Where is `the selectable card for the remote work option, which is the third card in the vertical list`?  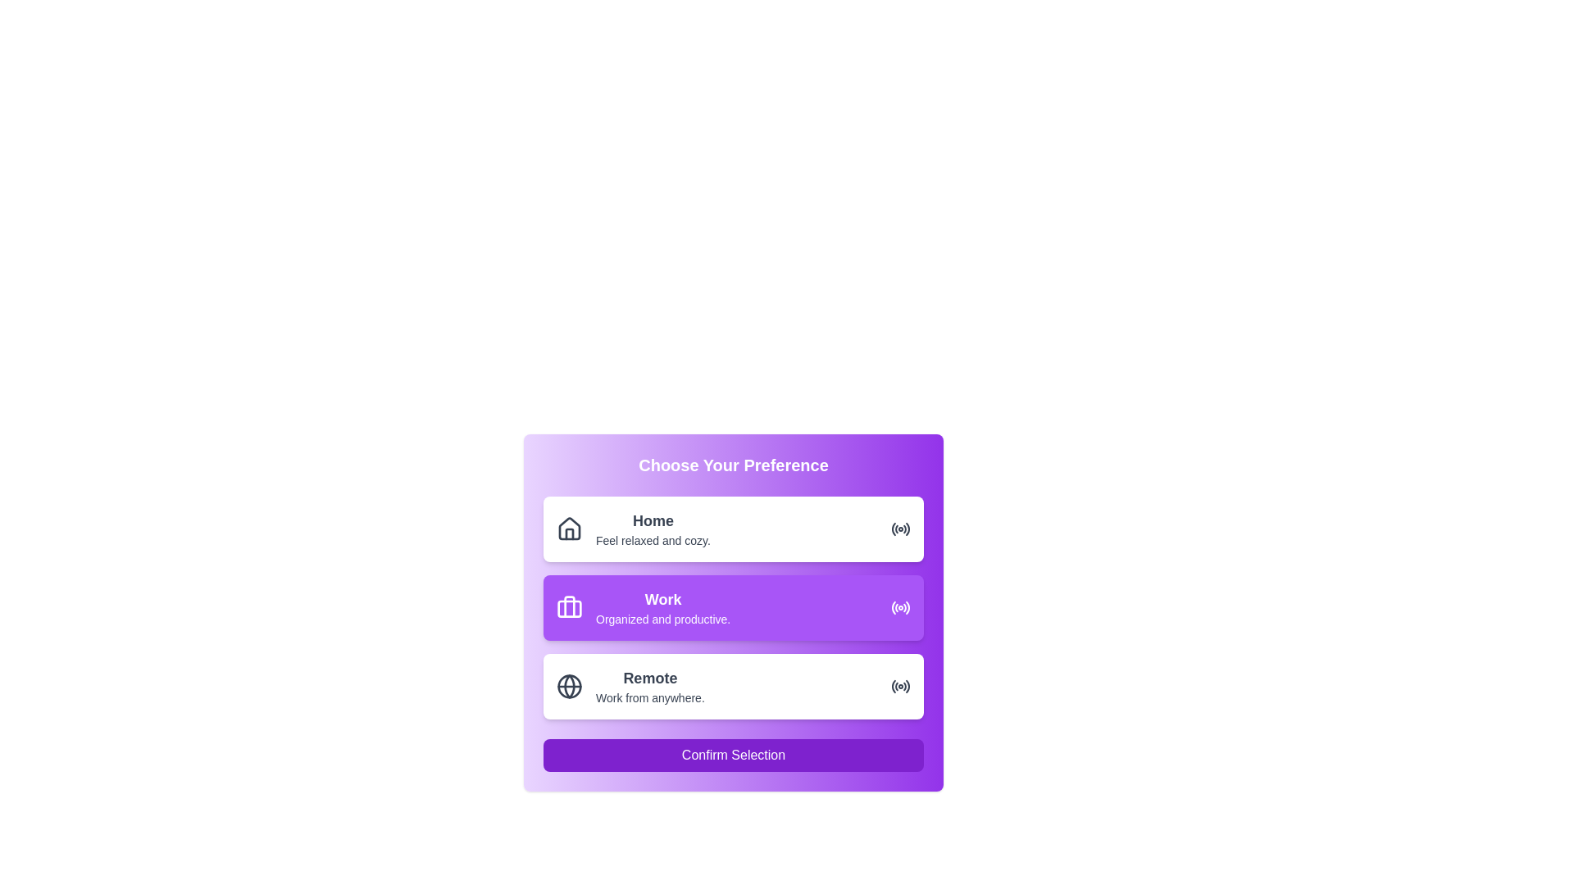 the selectable card for the remote work option, which is the third card in the vertical list is located at coordinates (732, 686).